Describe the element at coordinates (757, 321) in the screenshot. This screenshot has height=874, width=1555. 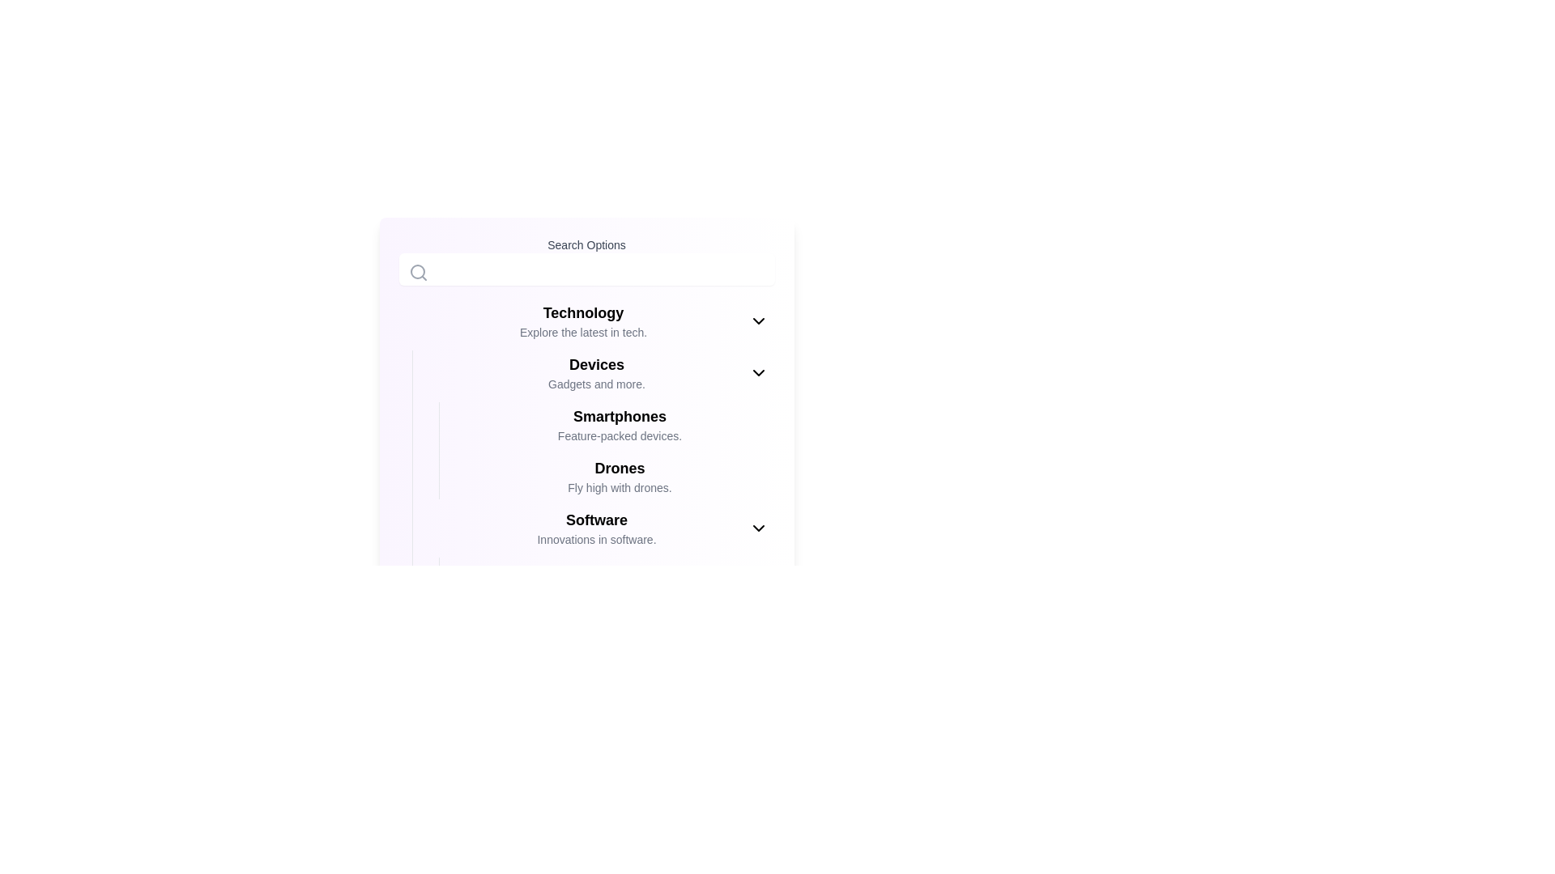
I see `the downward-facing chevron icon located at the top-right corner of the 'Technology' section` at that location.